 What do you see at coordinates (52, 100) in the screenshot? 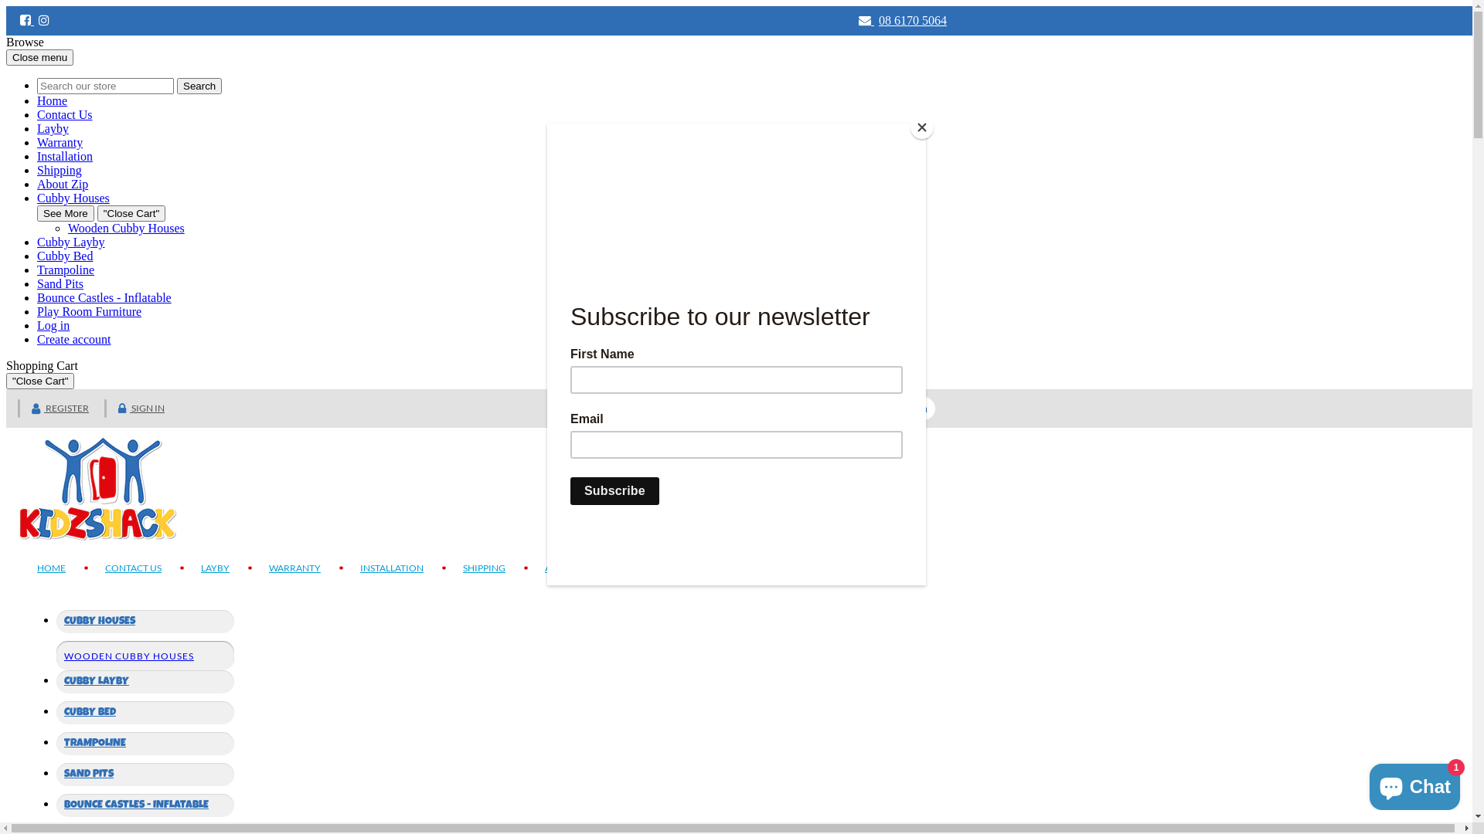
I see `'Home'` at bounding box center [52, 100].